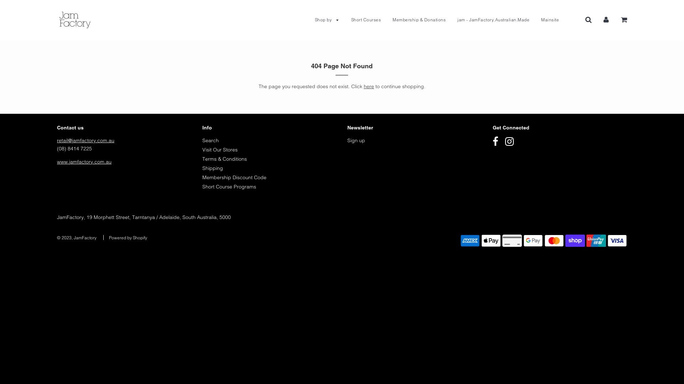 Image resolution: width=684 pixels, height=384 pixels. Describe the element at coordinates (369, 86) in the screenshot. I see `'here'` at that location.